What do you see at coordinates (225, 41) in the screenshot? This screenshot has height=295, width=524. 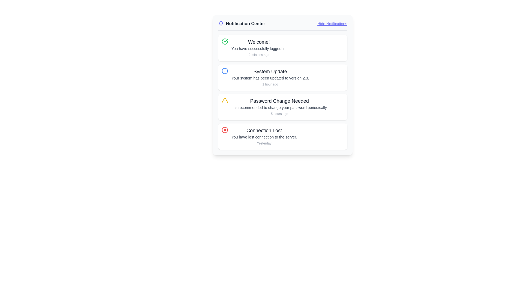 I see `the success icon located to the left of the 'Welcome!' text in the notification that indicates successful login` at bounding box center [225, 41].